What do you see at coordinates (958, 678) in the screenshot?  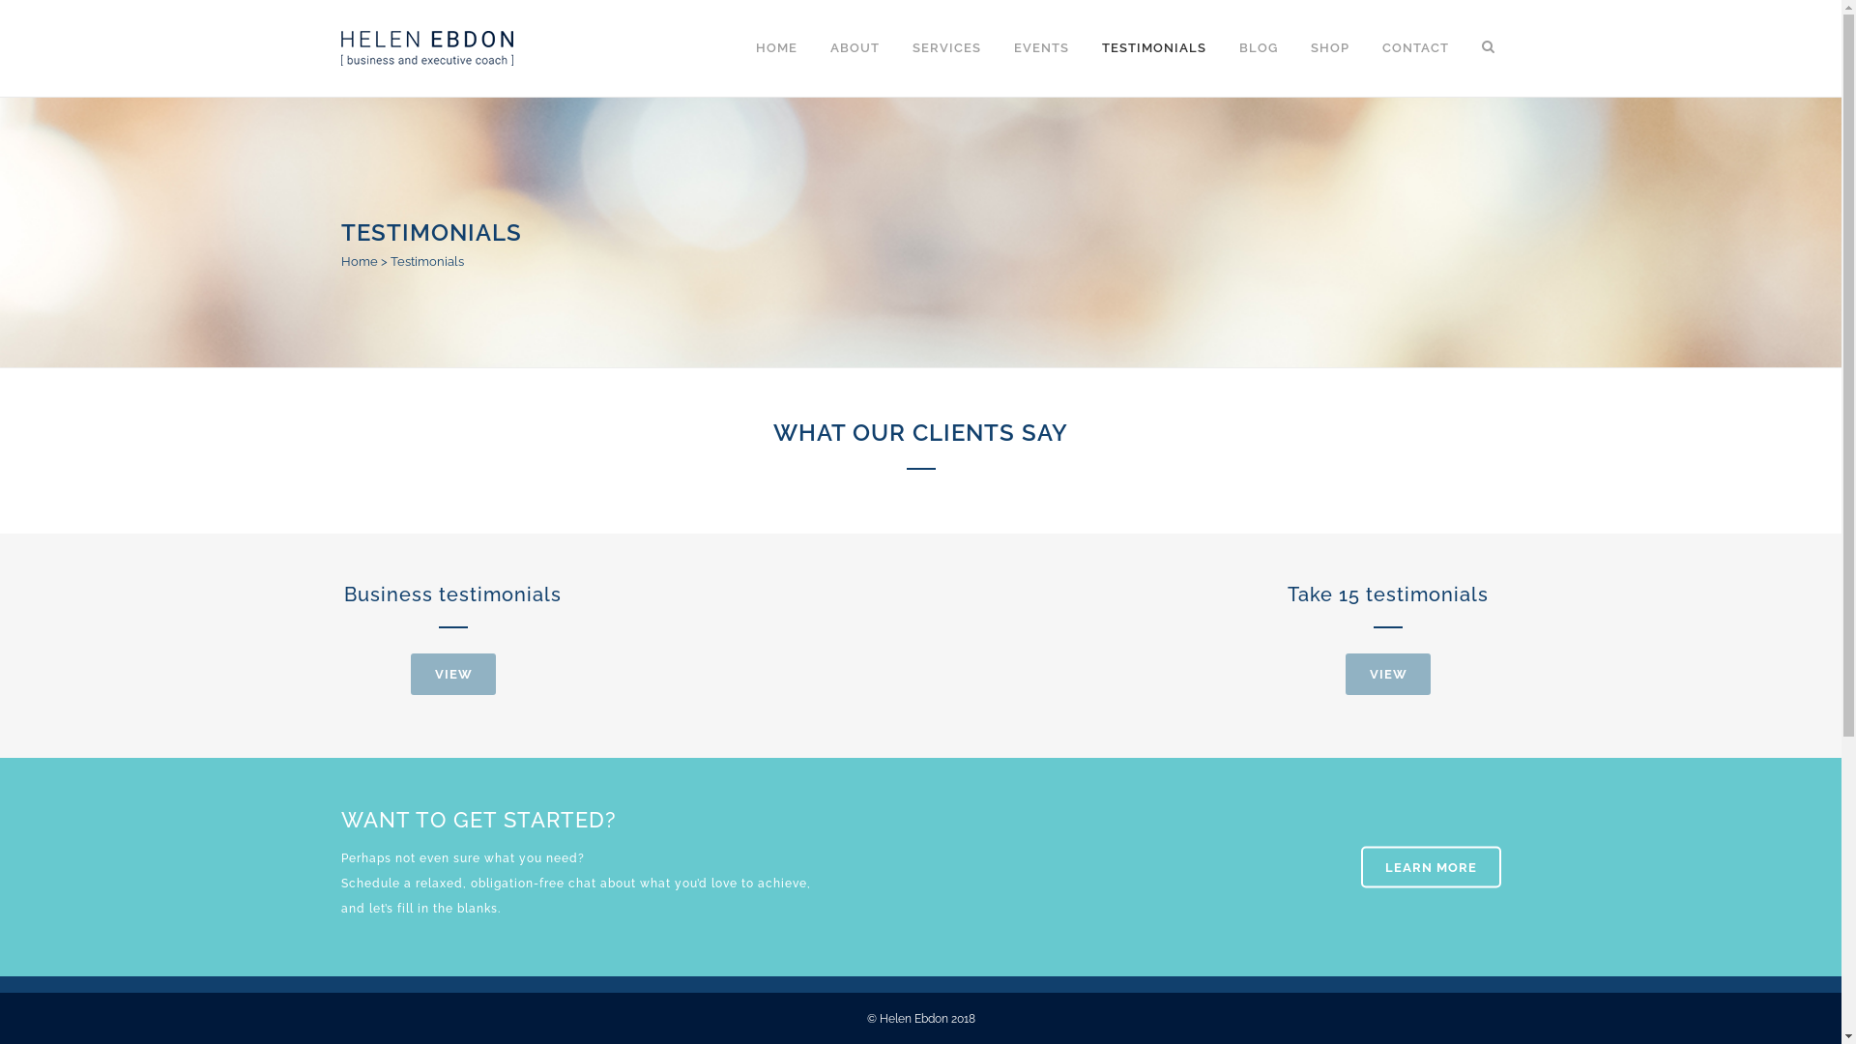 I see `'About'` at bounding box center [958, 678].